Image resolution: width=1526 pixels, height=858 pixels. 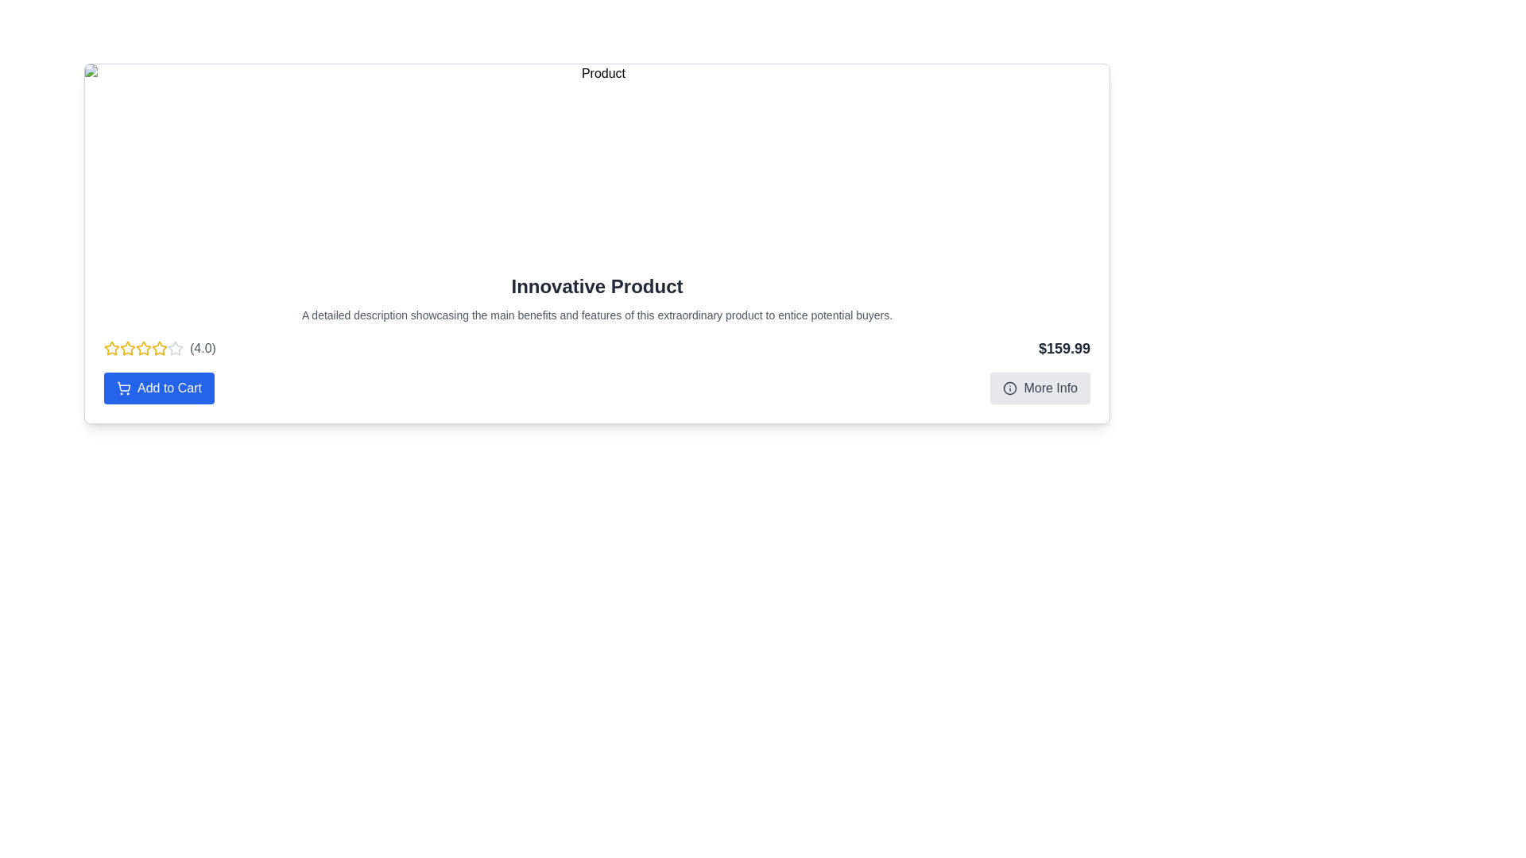 I want to click on the icon that visually represents additional information, located inside the 'More Info' button at the right end of the card layout, so click(x=1009, y=388).